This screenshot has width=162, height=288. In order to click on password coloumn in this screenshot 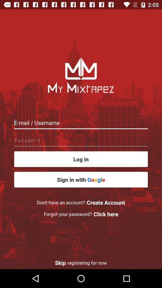, I will do `click(81, 140)`.